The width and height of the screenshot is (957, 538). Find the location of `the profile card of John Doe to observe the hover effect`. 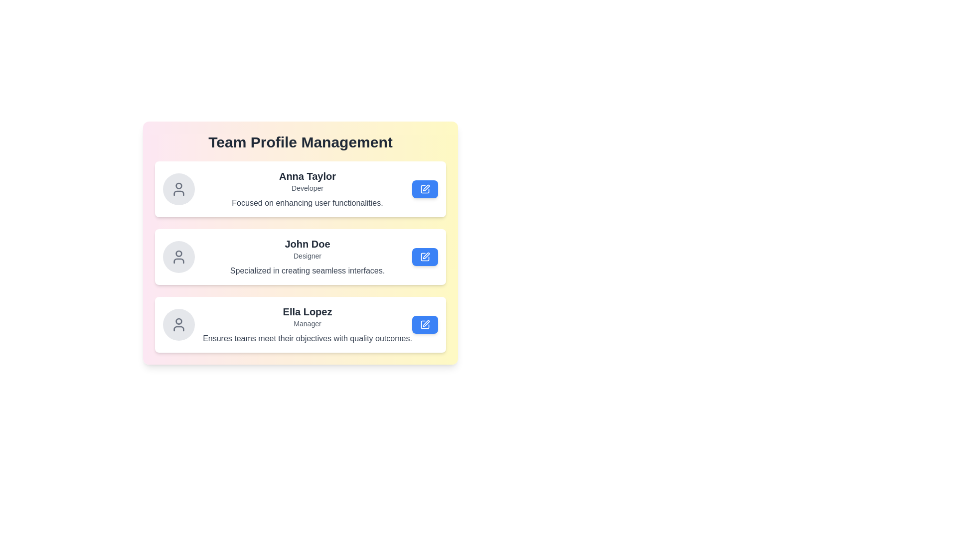

the profile card of John Doe to observe the hover effect is located at coordinates (300, 257).